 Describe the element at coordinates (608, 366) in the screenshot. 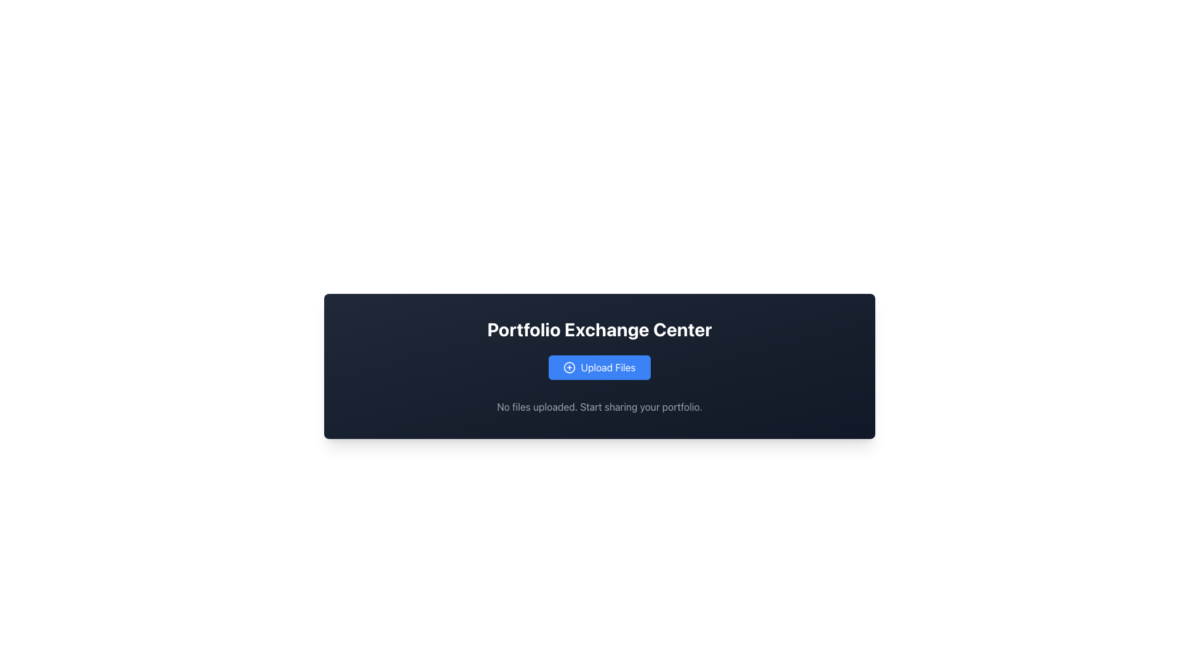

I see `the label indicating the action of uploading files, which is centrally located within the upload button near the bottom center of the interface` at that location.